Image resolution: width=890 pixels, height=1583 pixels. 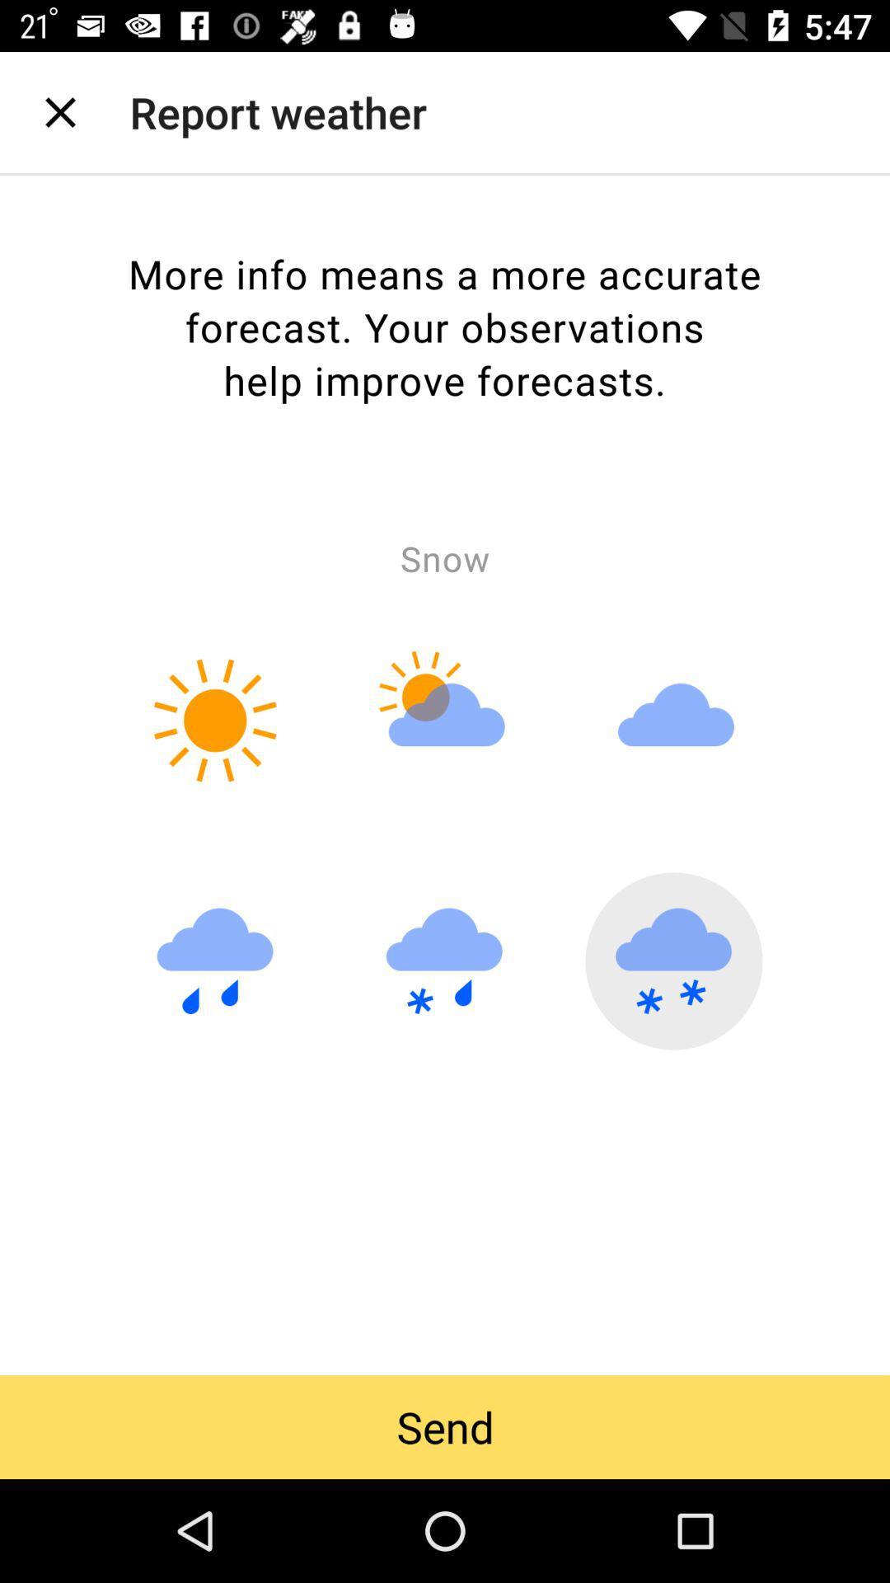 I want to click on the item to the left of the report weather, so click(x=59, y=111).